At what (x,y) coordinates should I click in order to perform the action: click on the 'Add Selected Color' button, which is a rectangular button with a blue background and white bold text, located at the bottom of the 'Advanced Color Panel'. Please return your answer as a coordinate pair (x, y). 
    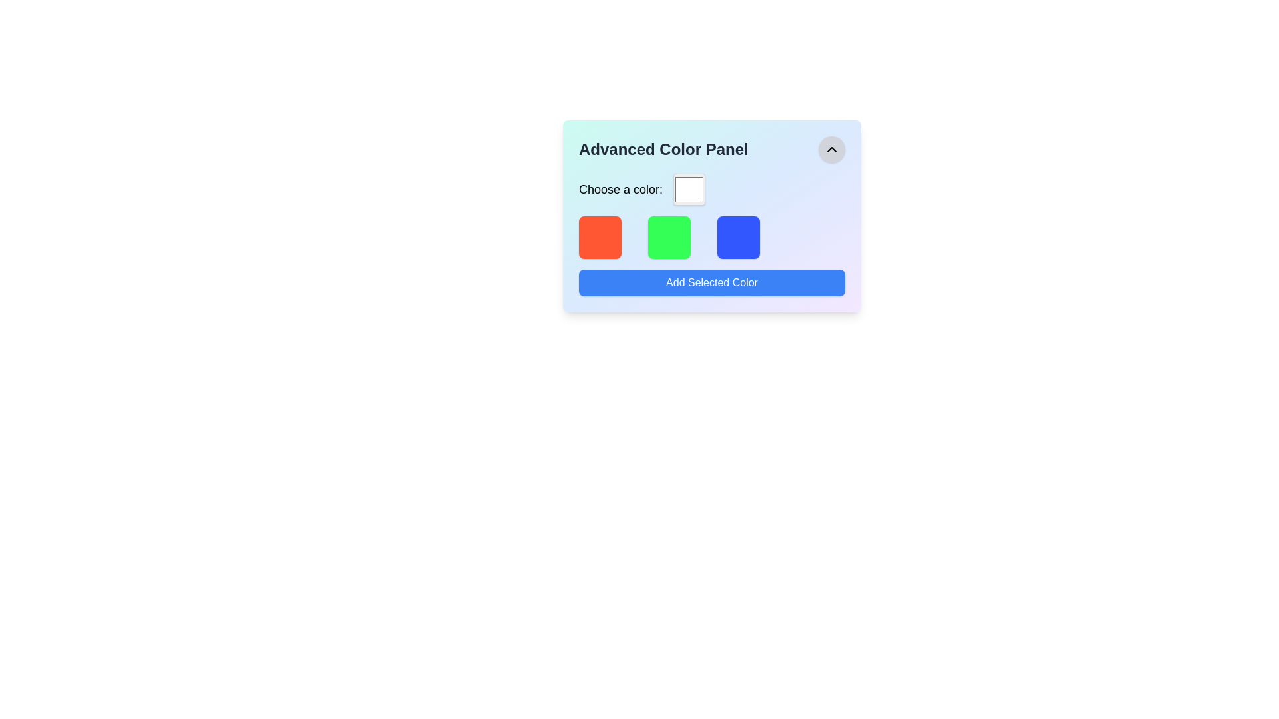
    Looking at the image, I should click on (711, 282).